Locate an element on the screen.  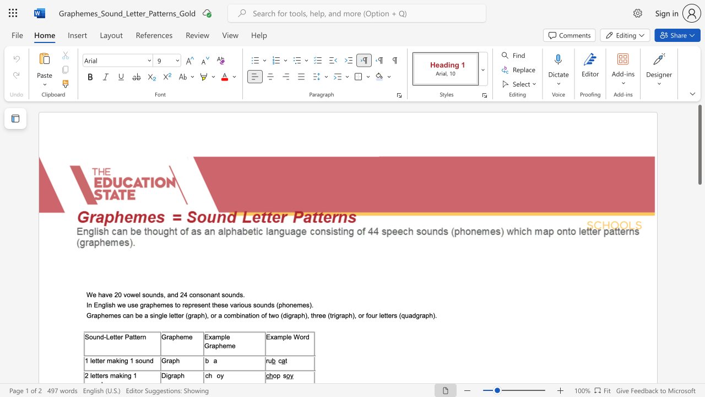
the scrollbar on the right to move the page downward is located at coordinates (699, 192).